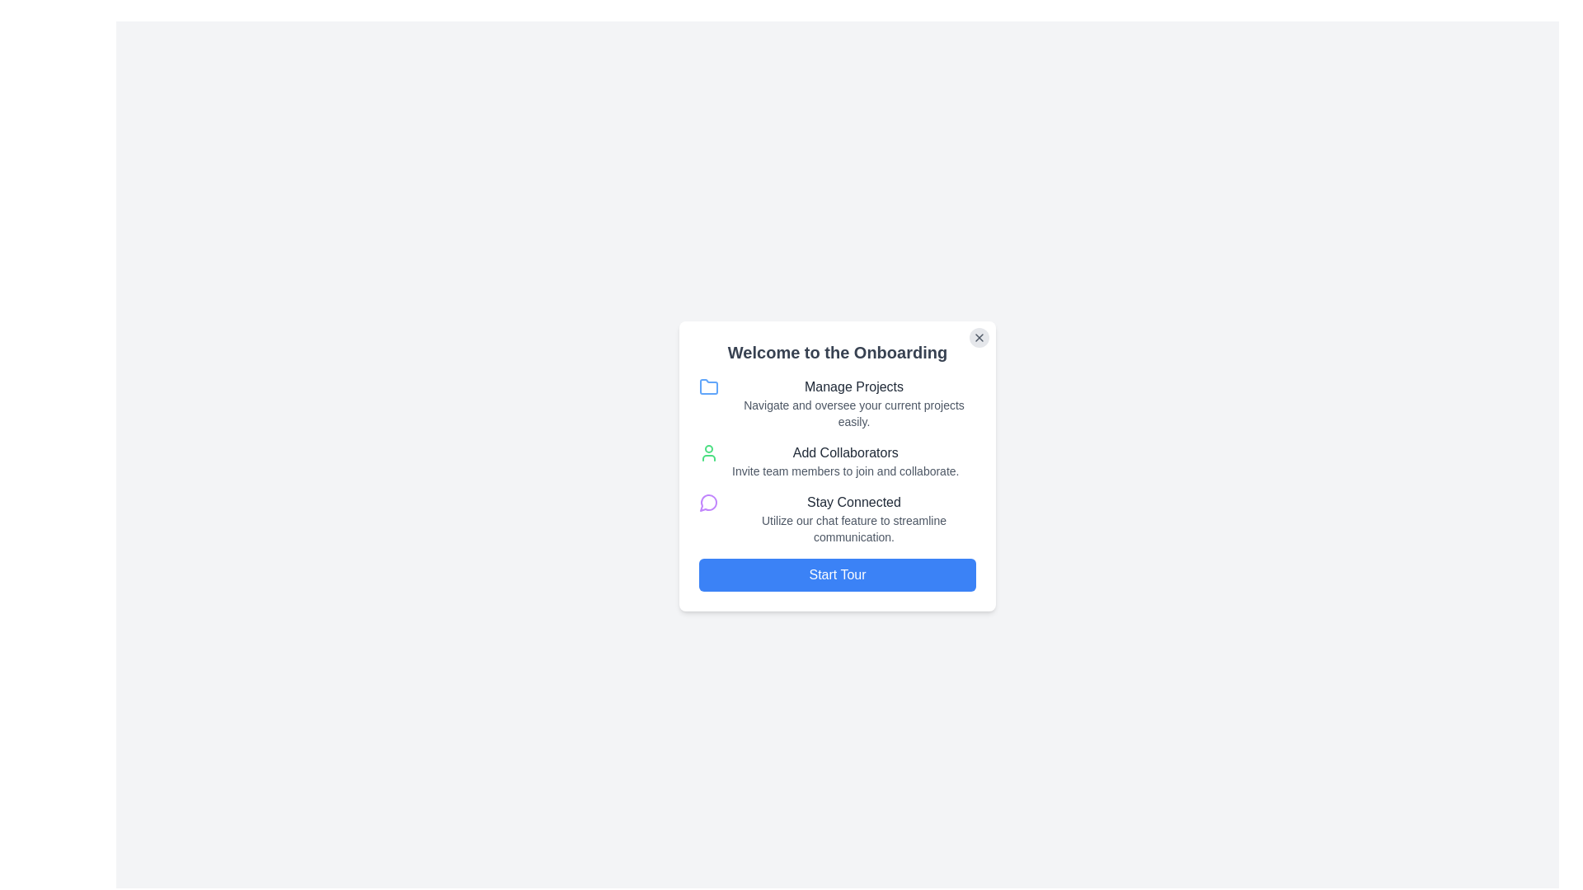  What do you see at coordinates (854, 403) in the screenshot?
I see `the Informational Header and Description section that contains the bolded header 'Manage Projects' and the subtitle 'Navigate and oversee your current projects easily.'` at bounding box center [854, 403].